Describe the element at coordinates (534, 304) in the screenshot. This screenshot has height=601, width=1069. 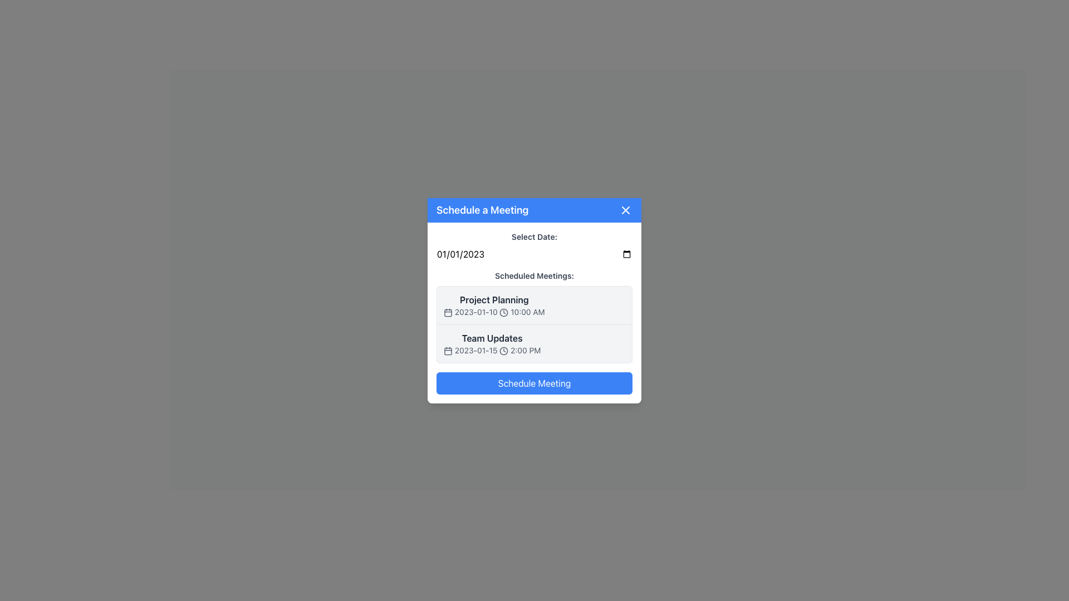
I see `the meeting entry titled 'Project Planning' scheduled for '2023-01-10 10:00 AM' in the 'Schedule a Meeting' modal` at that location.